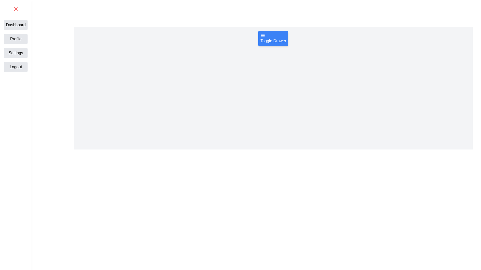 The image size is (481, 270). Describe the element at coordinates (273, 38) in the screenshot. I see `the 'Toggle Drawer' button to toggle the drawer's visibility` at that location.